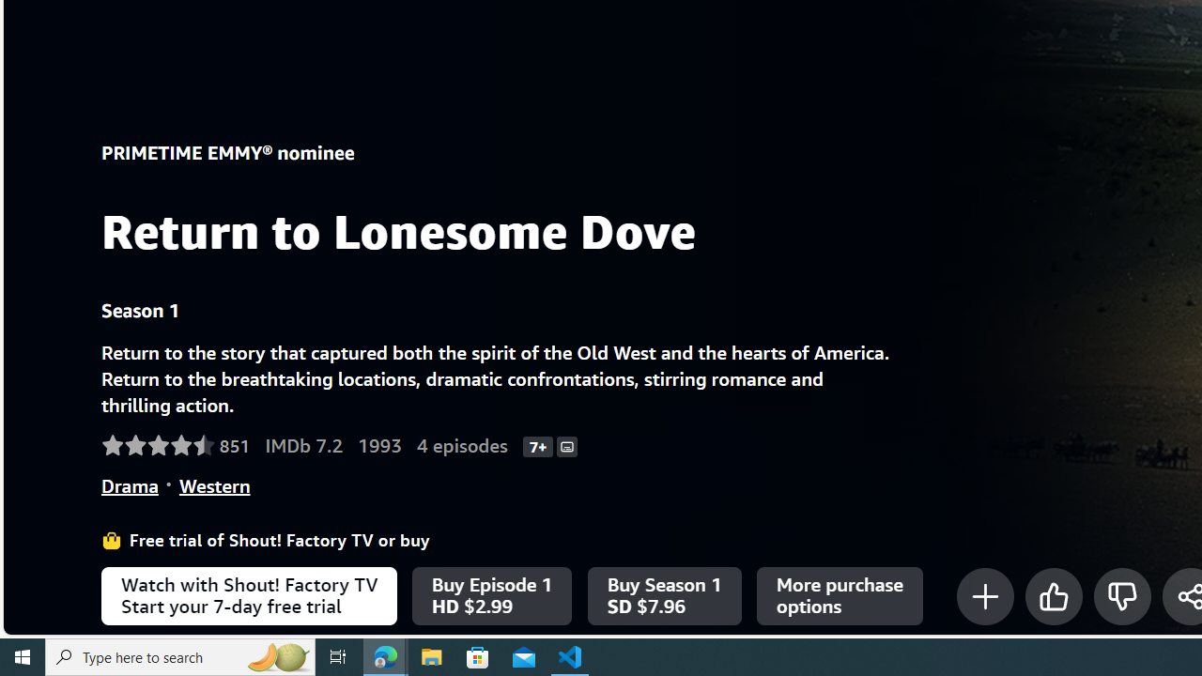 This screenshot has height=676, width=1202. I want to click on 'Buy Episode 1 HD $2.99', so click(492, 596).